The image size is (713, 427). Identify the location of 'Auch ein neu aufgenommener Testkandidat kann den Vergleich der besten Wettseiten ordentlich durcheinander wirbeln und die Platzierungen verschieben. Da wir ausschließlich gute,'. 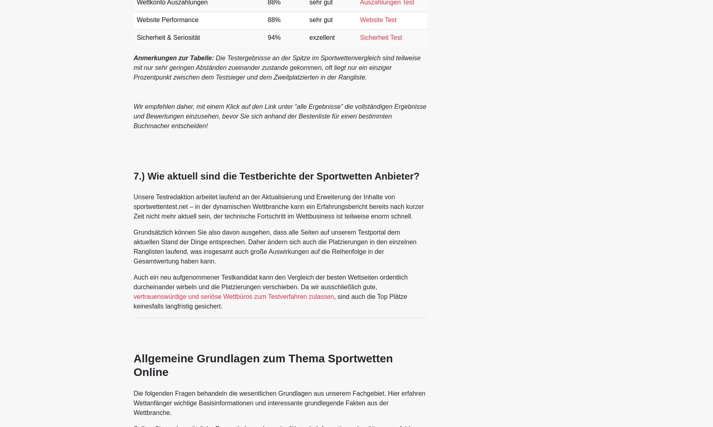
(270, 281).